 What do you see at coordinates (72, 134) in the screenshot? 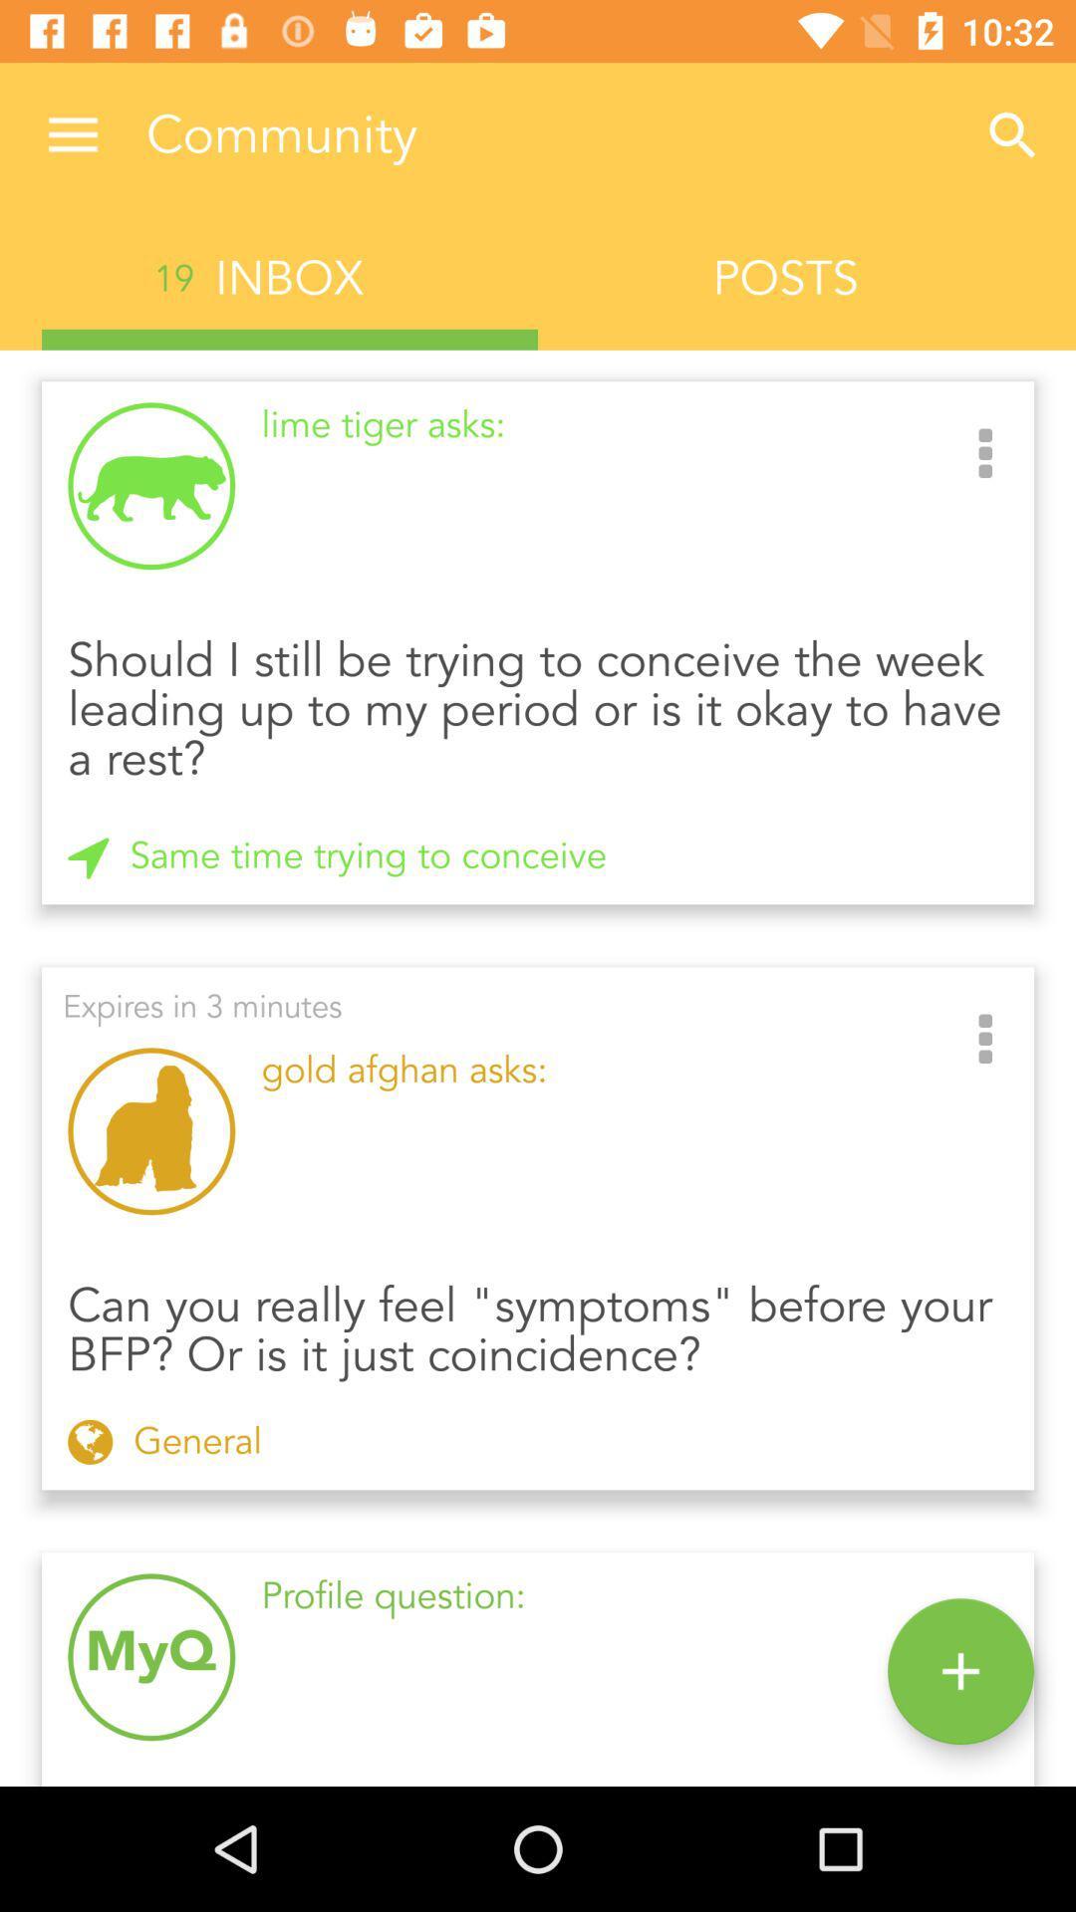
I see `the icon next to community item` at bounding box center [72, 134].